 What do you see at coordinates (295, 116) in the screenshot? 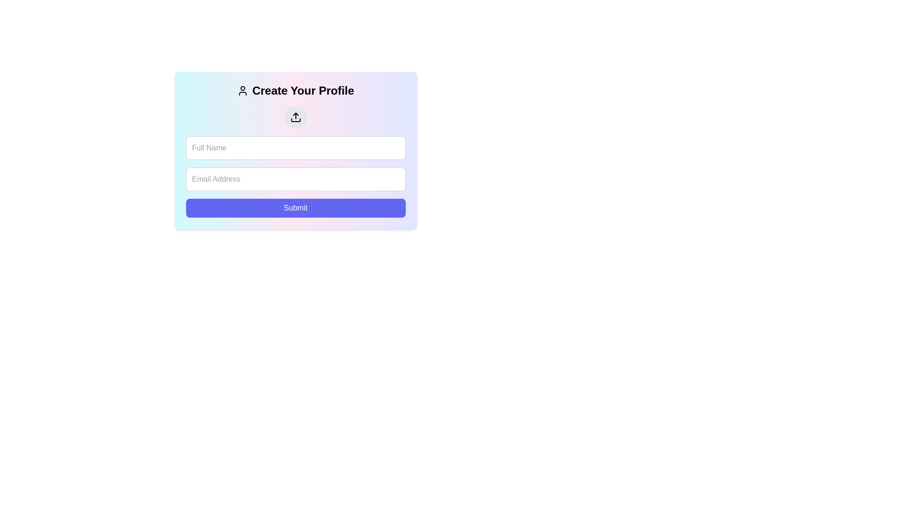
I see `the upload button located above the 'Full Name' input field and below the 'Create Your Profile' header to initiate an upload action` at bounding box center [295, 116].